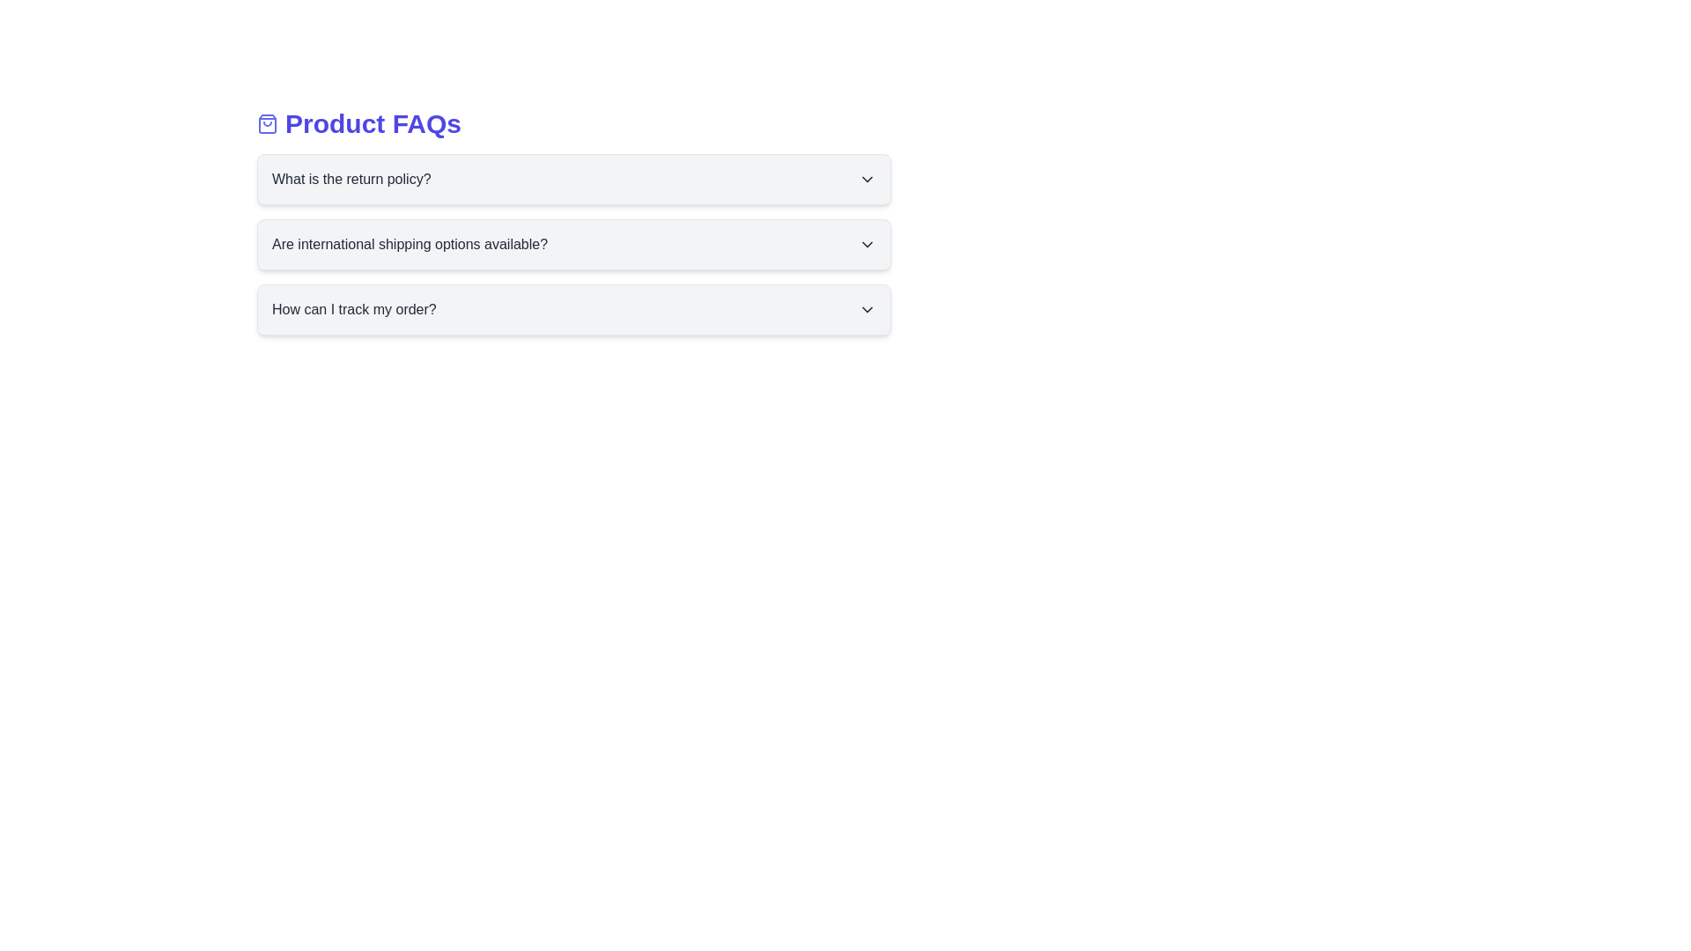 This screenshot has width=1691, height=951. Describe the element at coordinates (574, 308) in the screenshot. I see `the collapsible FAQ entry labeled 'How can I track my order?' for keyboard interaction` at that location.